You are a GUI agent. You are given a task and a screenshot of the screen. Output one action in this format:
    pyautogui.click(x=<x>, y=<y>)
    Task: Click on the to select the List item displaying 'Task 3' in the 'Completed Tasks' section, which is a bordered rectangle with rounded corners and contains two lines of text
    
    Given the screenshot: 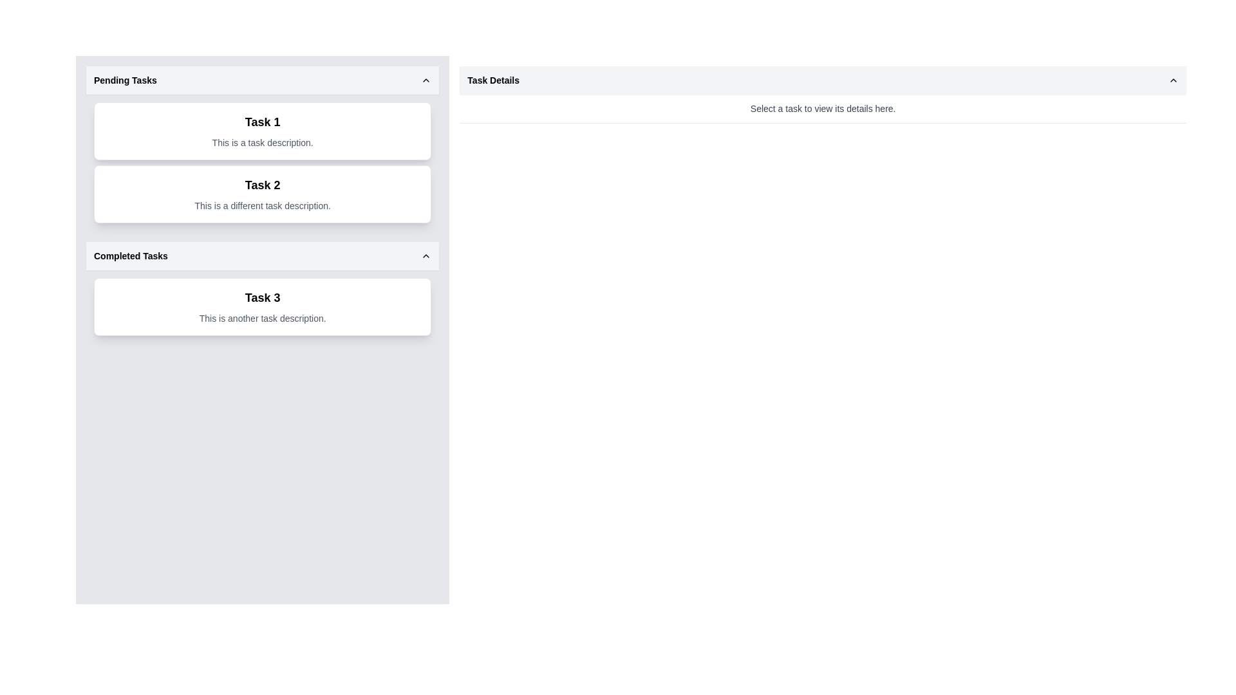 What is the action you would take?
    pyautogui.click(x=262, y=307)
    